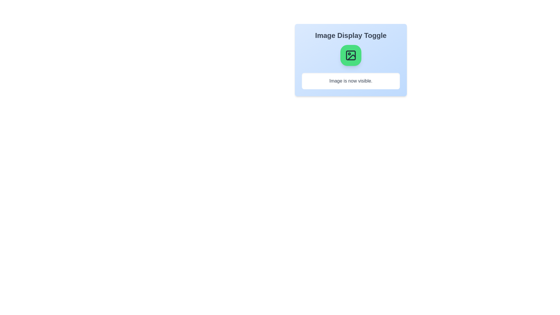 The height and width of the screenshot is (315, 560). What do you see at coordinates (351, 55) in the screenshot?
I see `the ImageToggleButton to toggle the visibility of the image` at bounding box center [351, 55].